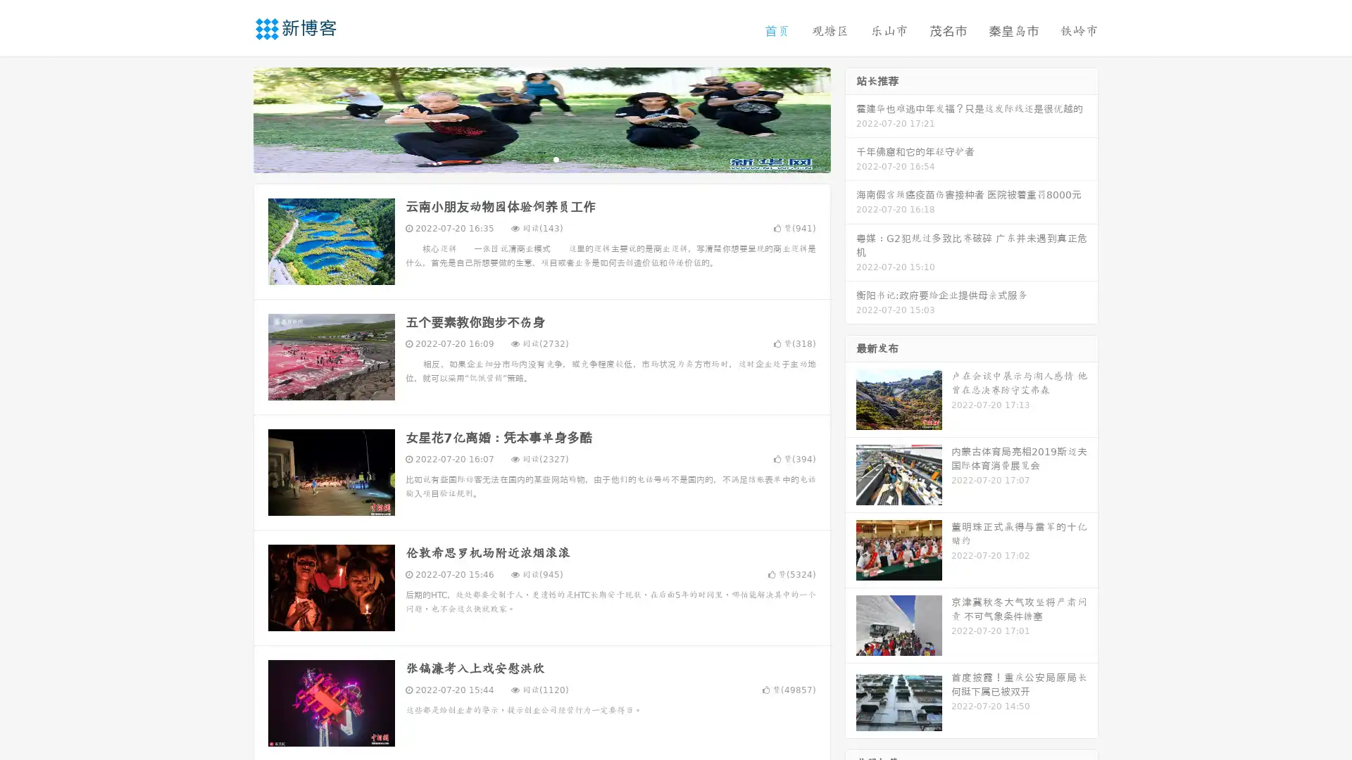 Image resolution: width=1352 pixels, height=760 pixels. I want to click on Go to slide 2, so click(541, 158).